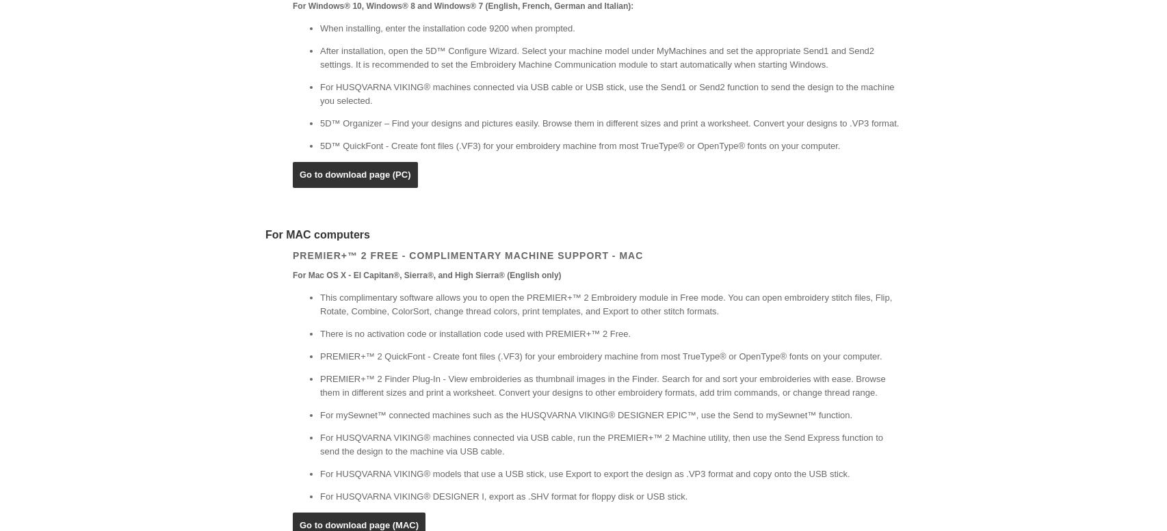  I want to click on 'For MAC computers', so click(317, 234).